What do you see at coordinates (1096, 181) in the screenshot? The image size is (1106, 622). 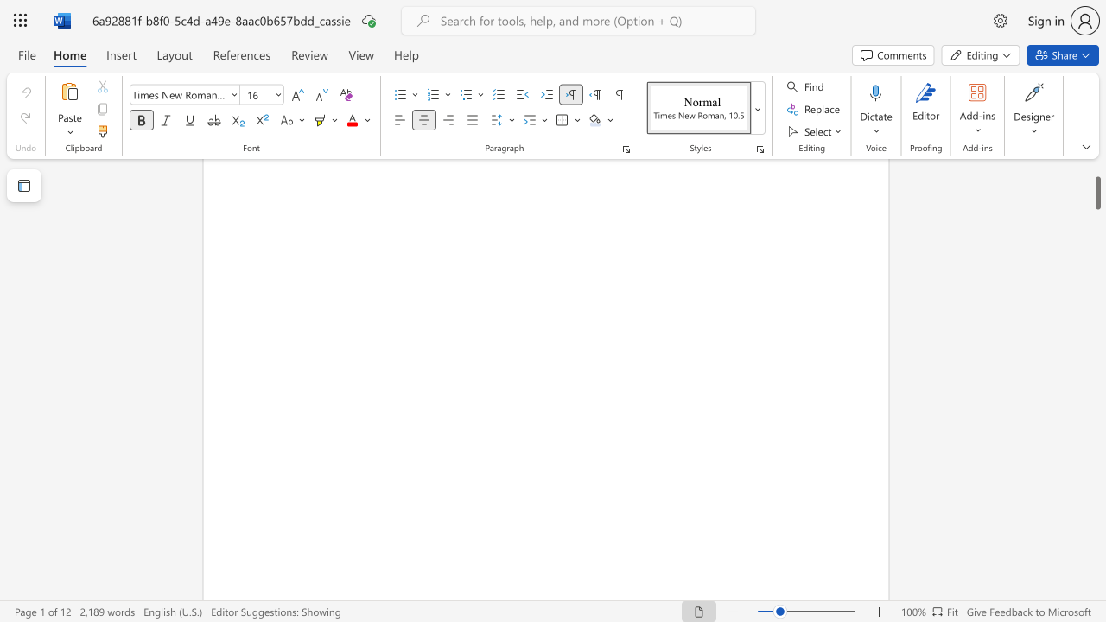 I see `the scrollbar and move up 290 pixels` at bounding box center [1096, 181].